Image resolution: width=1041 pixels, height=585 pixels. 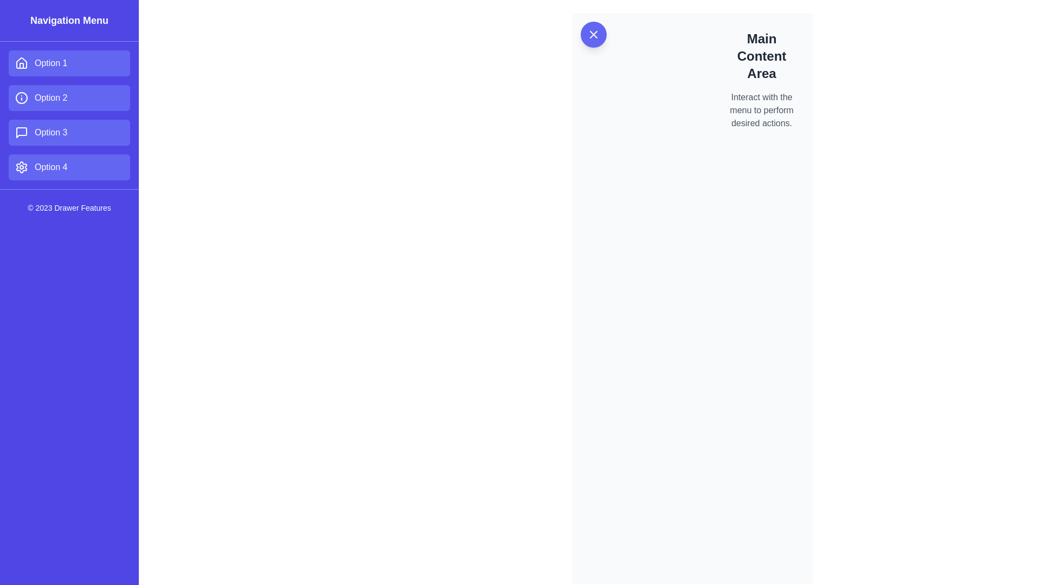 What do you see at coordinates (21, 167) in the screenshot?
I see `the gear icon located in the vertical navigation menu entry labeled 'Option 4'` at bounding box center [21, 167].